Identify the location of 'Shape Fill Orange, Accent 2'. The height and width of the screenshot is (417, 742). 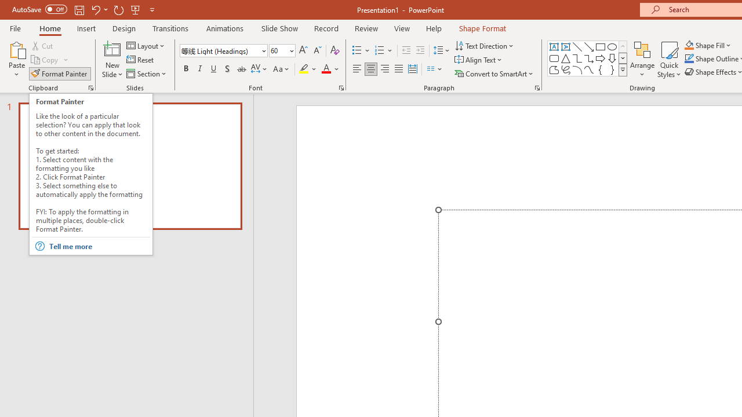
(689, 45).